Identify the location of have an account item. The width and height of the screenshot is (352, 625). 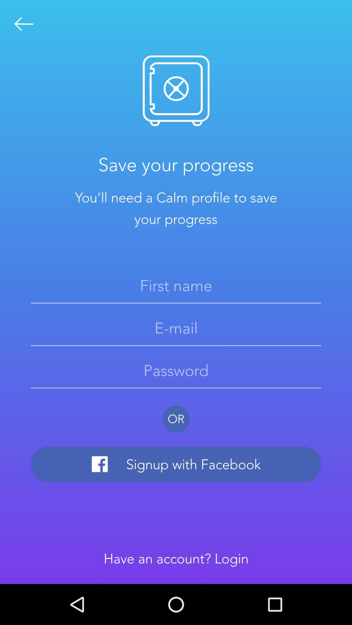
(176, 558).